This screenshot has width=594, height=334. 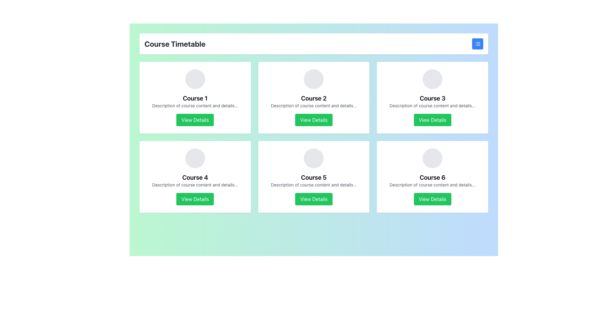 What do you see at coordinates (314, 177) in the screenshot?
I see `course description by interacting with the fifth card in the grid layout, which contains the course title, brief description, and a 'View Details' button` at bounding box center [314, 177].